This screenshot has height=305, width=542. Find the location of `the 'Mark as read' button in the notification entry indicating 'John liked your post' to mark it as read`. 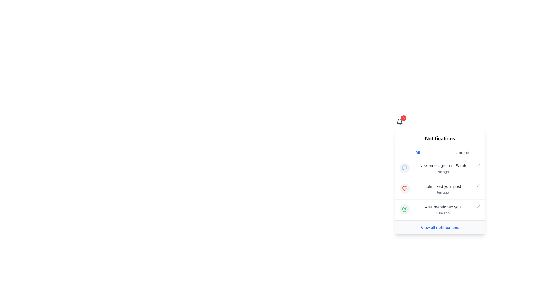

the 'Mark as read' button in the notification entry indicating 'John liked your post' to mark it as read is located at coordinates (440, 189).